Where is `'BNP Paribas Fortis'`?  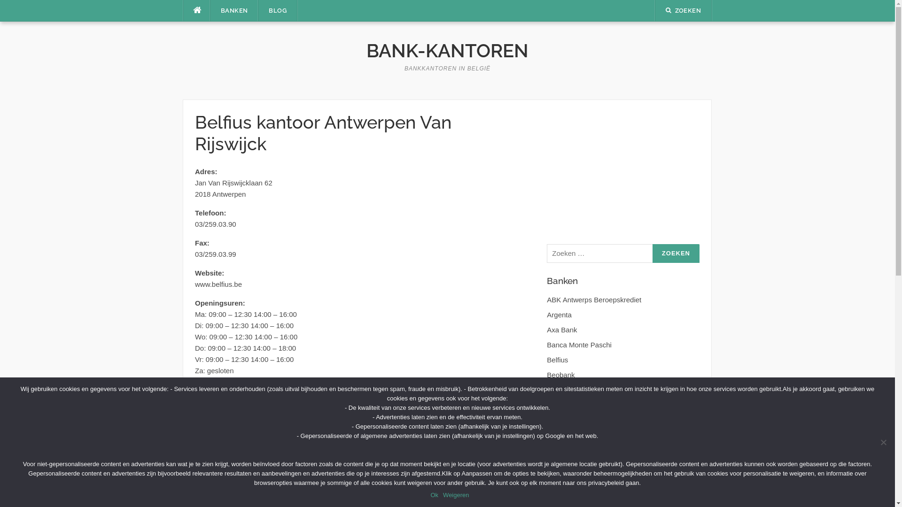
'BNP Paribas Fortis' is located at coordinates (576, 404).